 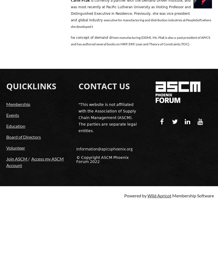 I want to click on '© Copyright ASCM Phoenix Forum 2022', so click(x=76, y=159).